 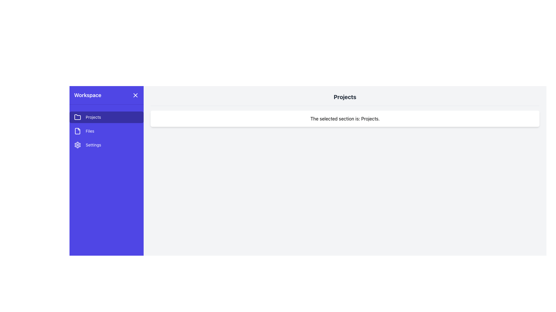 I want to click on the settings button located in the side navigation panel, which is the third item below the 'Files' button, so click(x=107, y=144).